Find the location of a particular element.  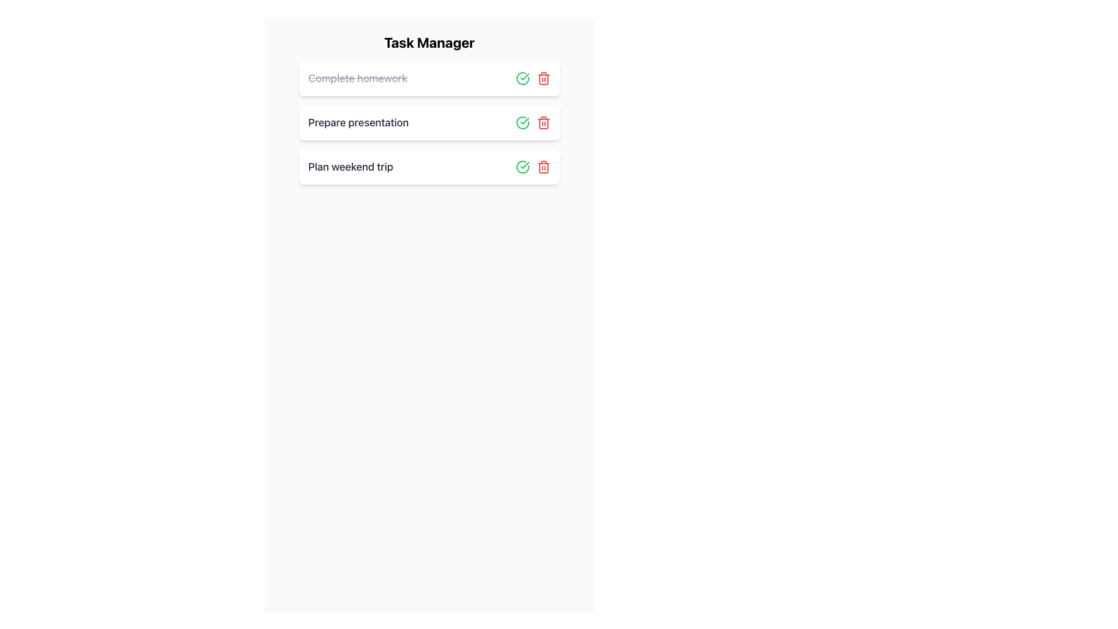

the circular green checkmark icon located inside the white button, which is aligned to the right of the 'Complete homework' task entry is located at coordinates (522, 167).